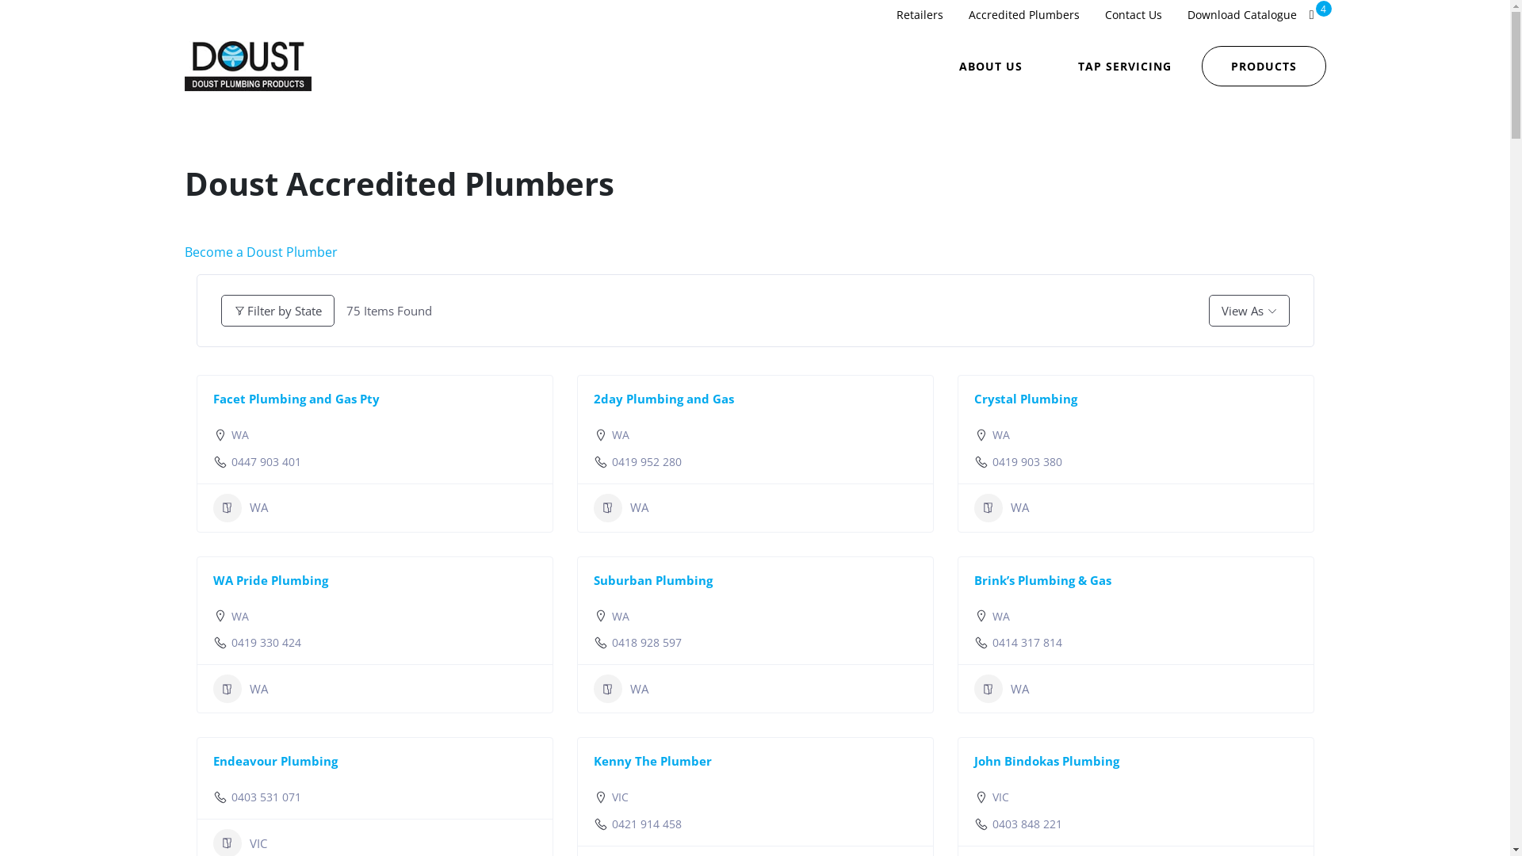 The width and height of the screenshot is (1522, 856). I want to click on '0403 531 071', so click(266, 797).